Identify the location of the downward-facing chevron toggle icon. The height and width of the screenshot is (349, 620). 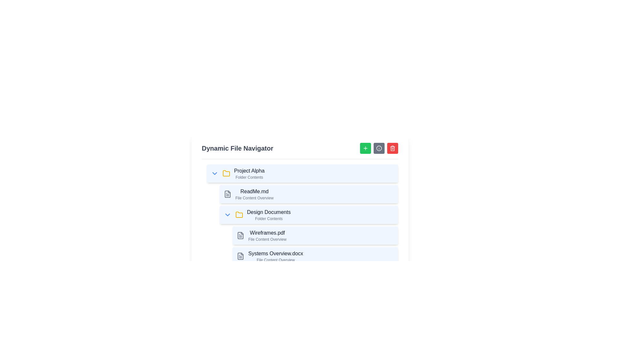
(228, 215).